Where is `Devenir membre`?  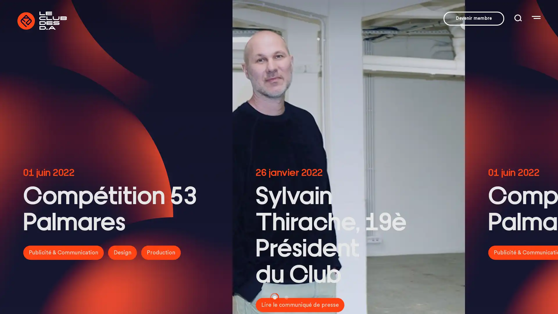
Devenir membre is located at coordinates (474, 18).